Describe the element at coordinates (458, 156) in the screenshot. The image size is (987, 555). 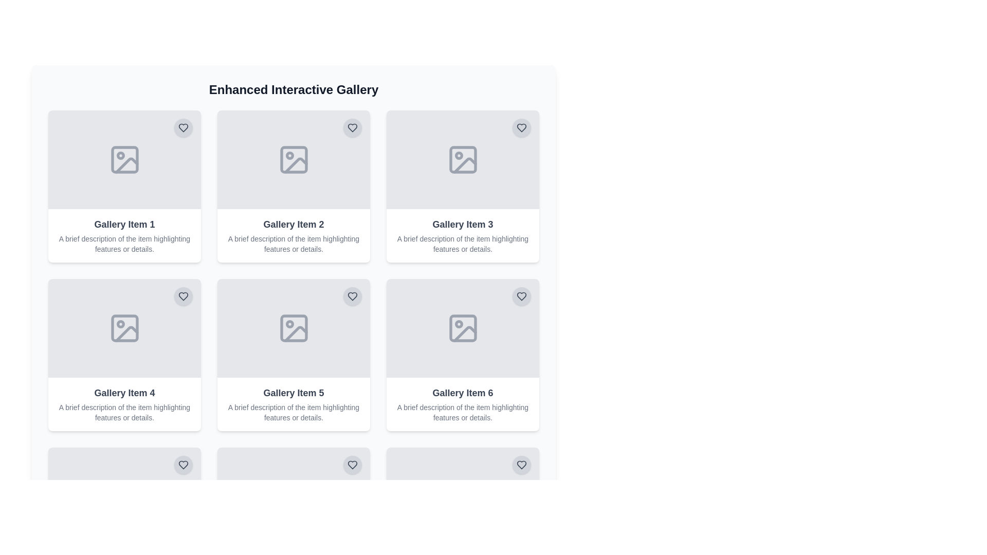
I see `the small circular shape (dot) located in the image placeholder of the 'Gallery Item 3' card, positioned in the third card of the first row of the grid layout` at that location.